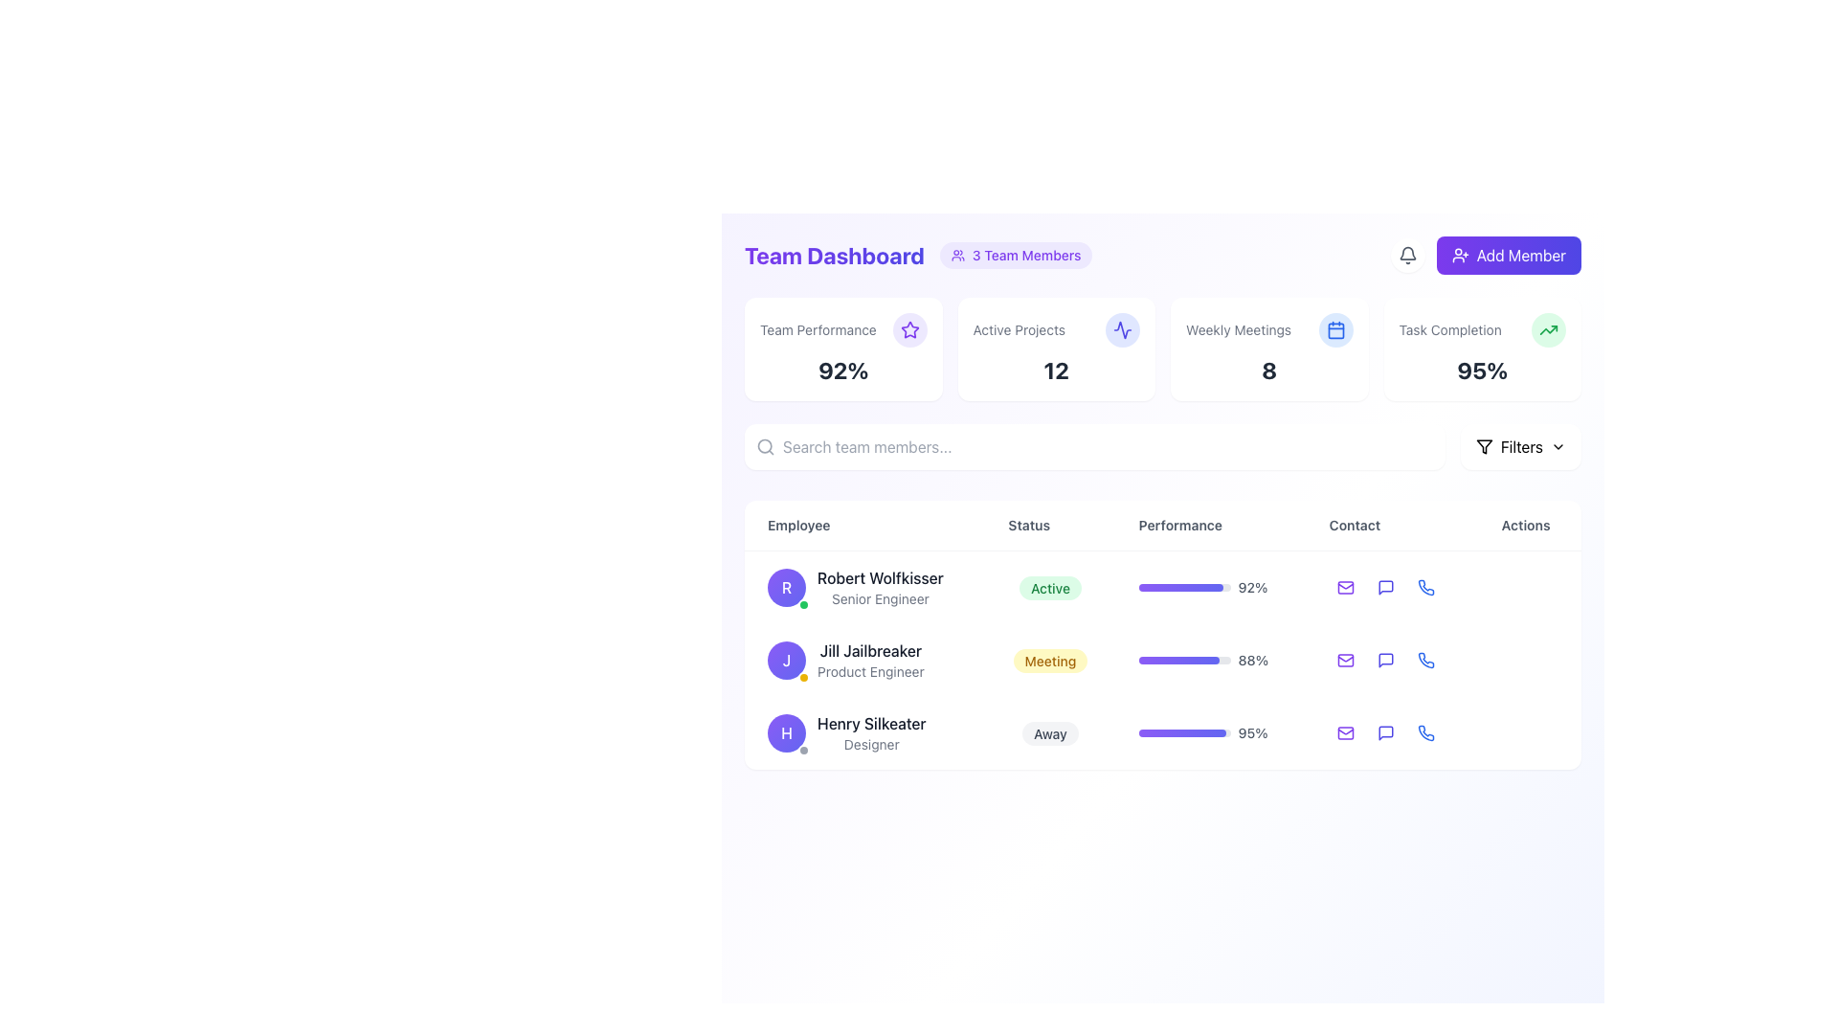  What do you see at coordinates (1483, 446) in the screenshot?
I see `the filter icon located within the 'Filters' button at the top-right corner of the interface` at bounding box center [1483, 446].